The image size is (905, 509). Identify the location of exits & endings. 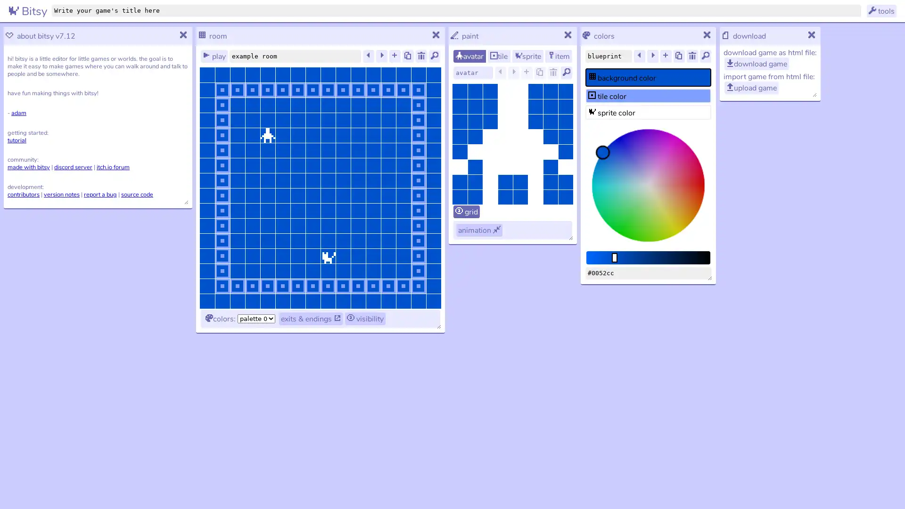
(311, 318).